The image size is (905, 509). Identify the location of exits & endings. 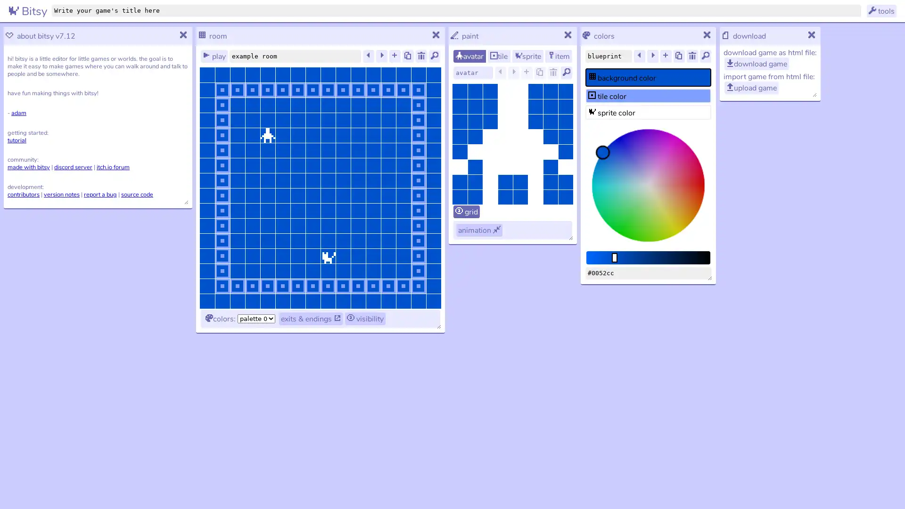
(311, 318).